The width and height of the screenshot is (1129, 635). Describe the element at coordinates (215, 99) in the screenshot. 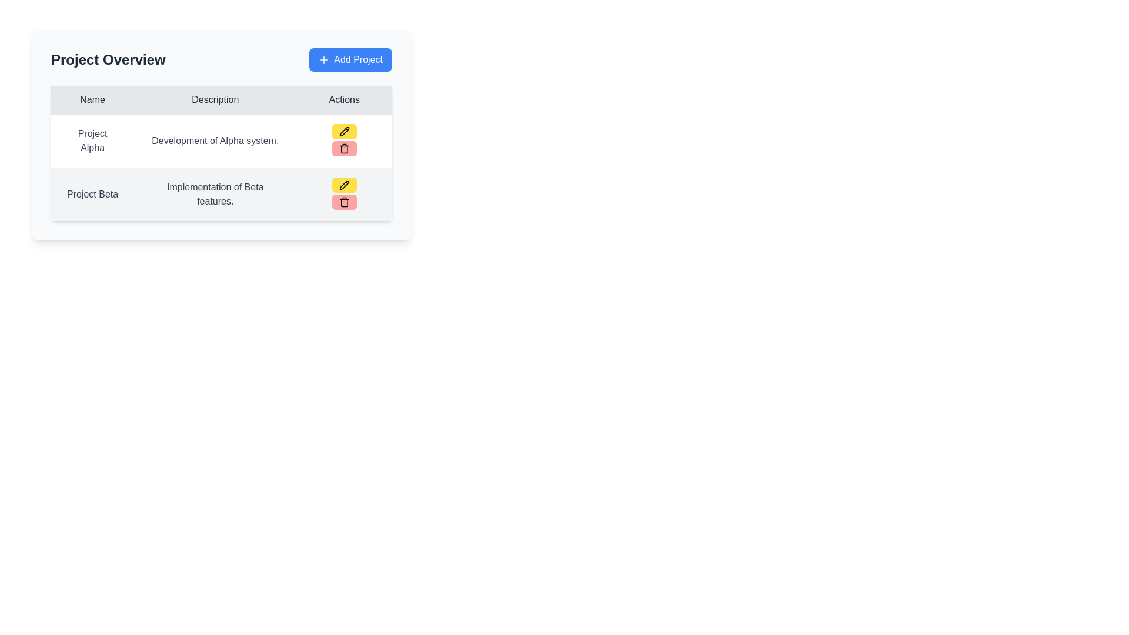

I see `the header title 'Description' in the second column of the table, which is positioned between 'Name' and 'Actions'` at that location.